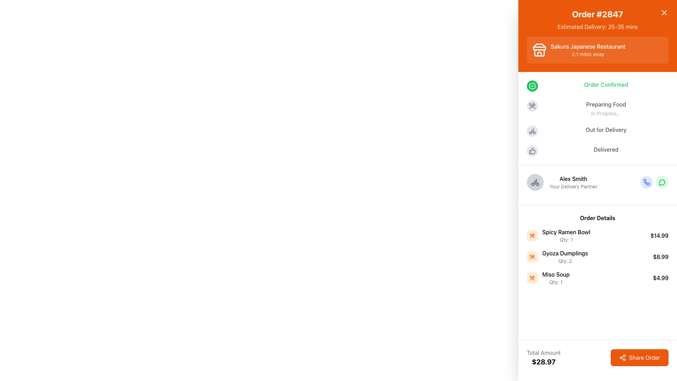 This screenshot has width=677, height=381. I want to click on the decorative graphic element that resembles the triangular roof section of the store icon in the header of the 'Sakura Japanese Restaurant' content card, so click(539, 46).